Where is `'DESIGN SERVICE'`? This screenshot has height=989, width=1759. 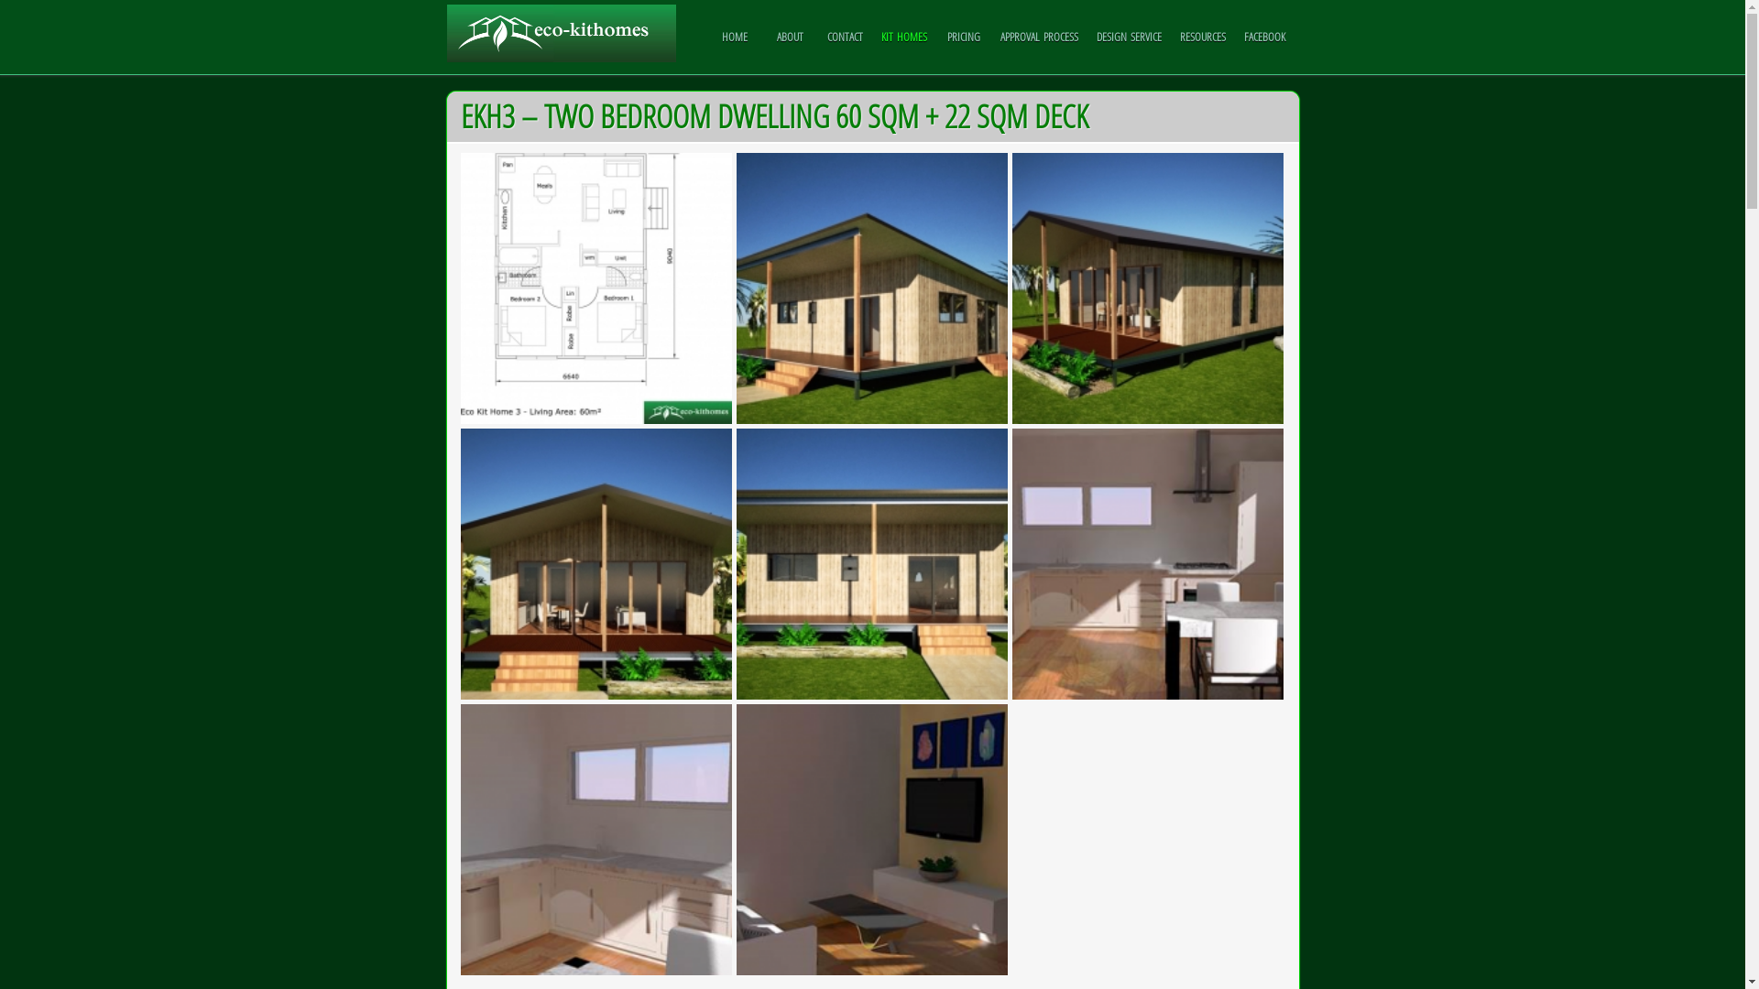
'DESIGN SERVICE' is located at coordinates (1128, 36).